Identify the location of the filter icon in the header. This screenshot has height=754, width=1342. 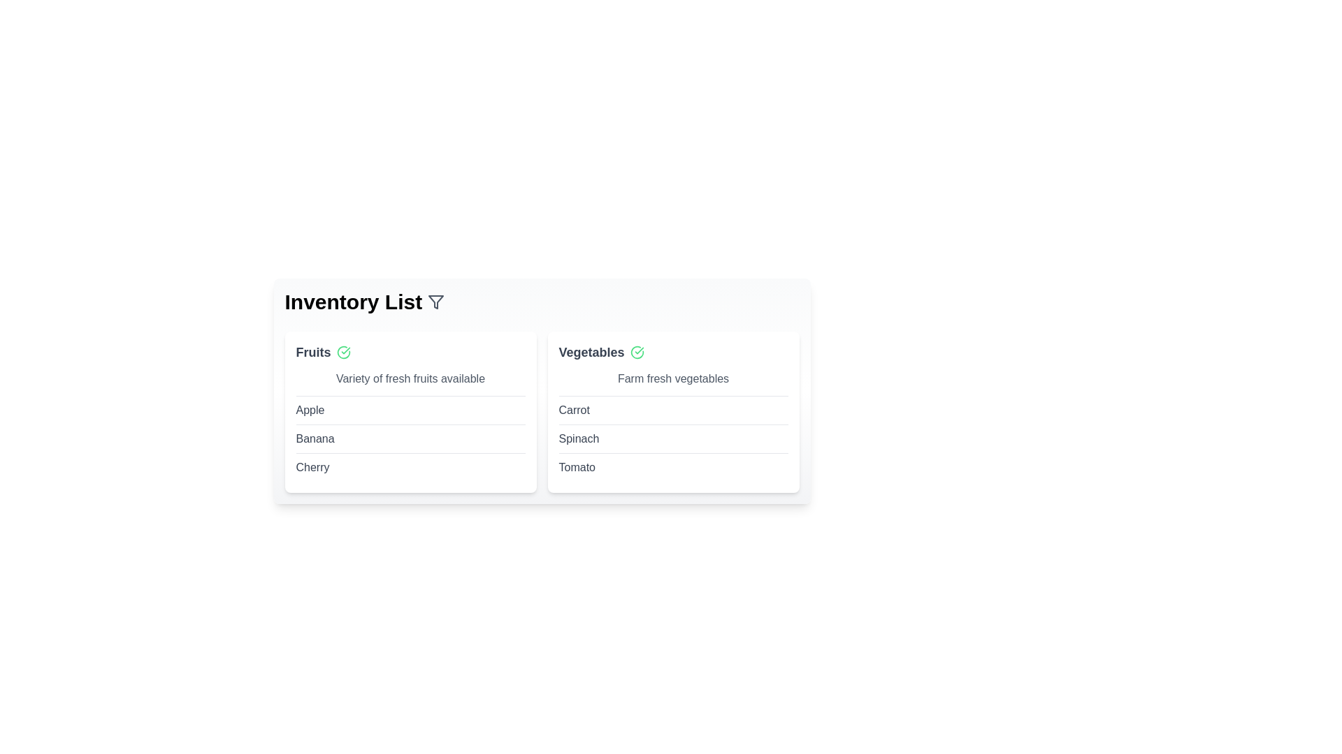
(435, 301).